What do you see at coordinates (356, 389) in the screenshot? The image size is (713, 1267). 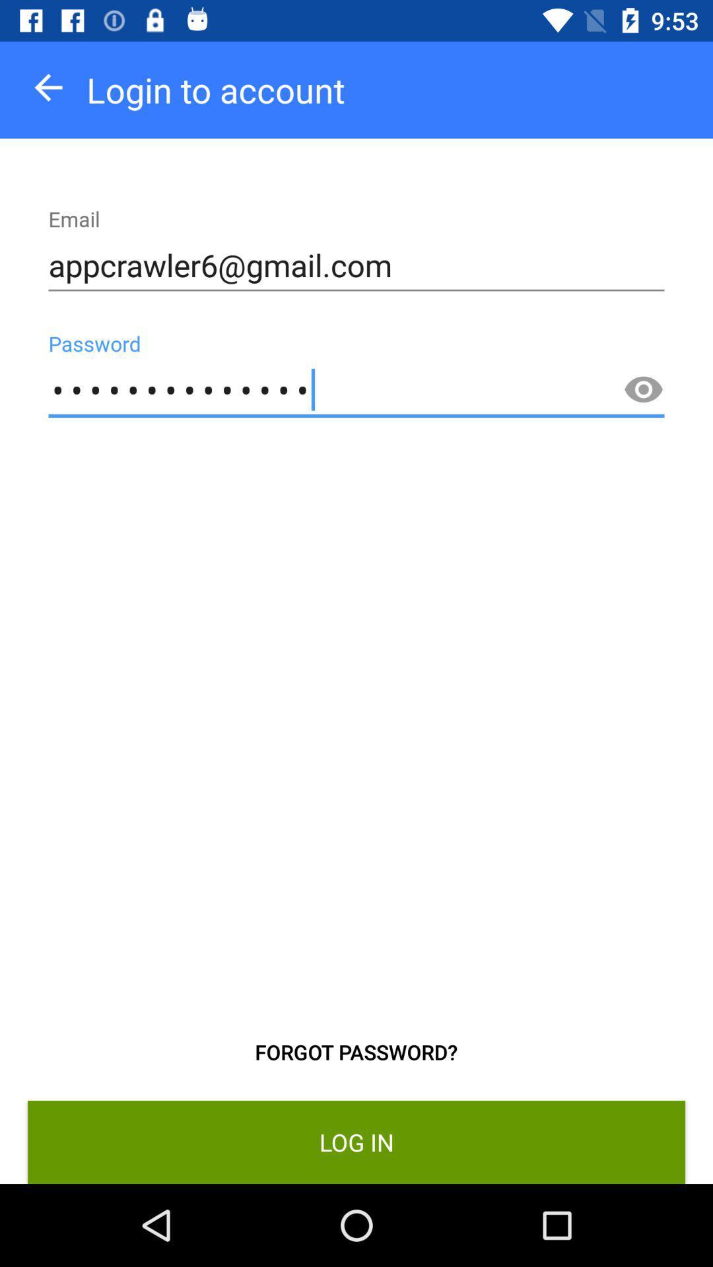 I see `the appcrawler3116 icon` at bounding box center [356, 389].